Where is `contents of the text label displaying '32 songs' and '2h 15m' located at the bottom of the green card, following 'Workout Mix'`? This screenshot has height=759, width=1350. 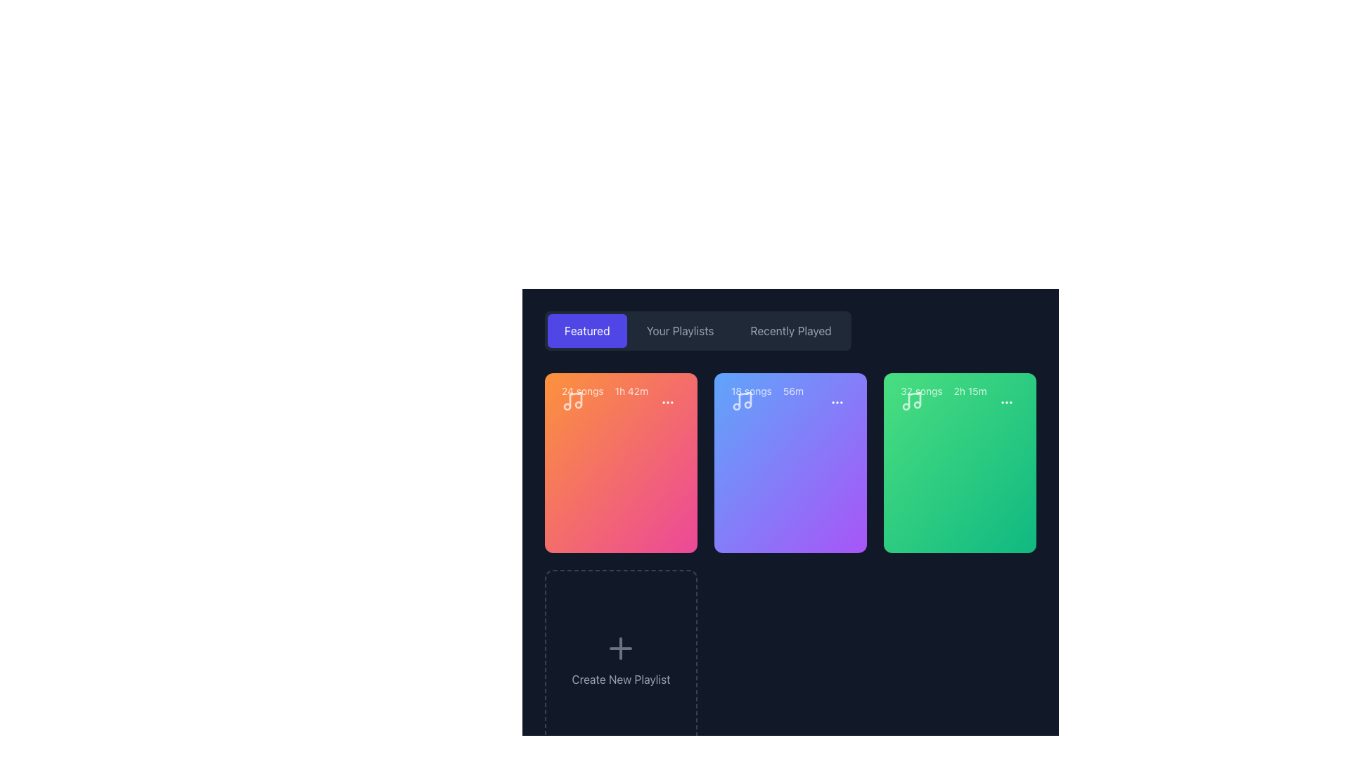
contents of the text label displaying '32 songs' and '2h 15m' located at the bottom of the green card, following 'Workout Mix' is located at coordinates (944, 391).